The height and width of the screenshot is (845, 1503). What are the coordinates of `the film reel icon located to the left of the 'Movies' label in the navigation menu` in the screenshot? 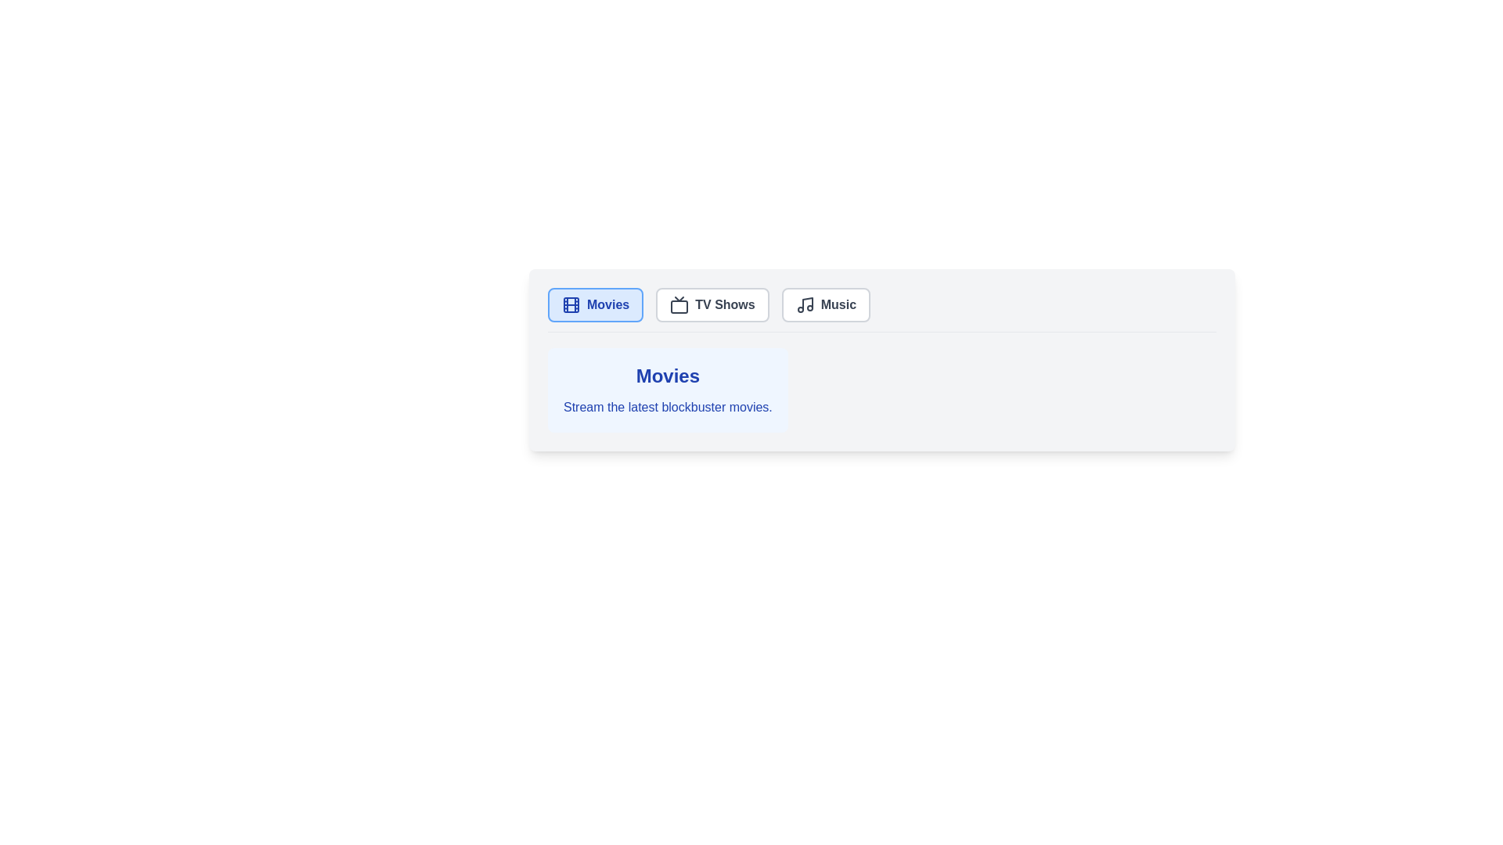 It's located at (570, 304).